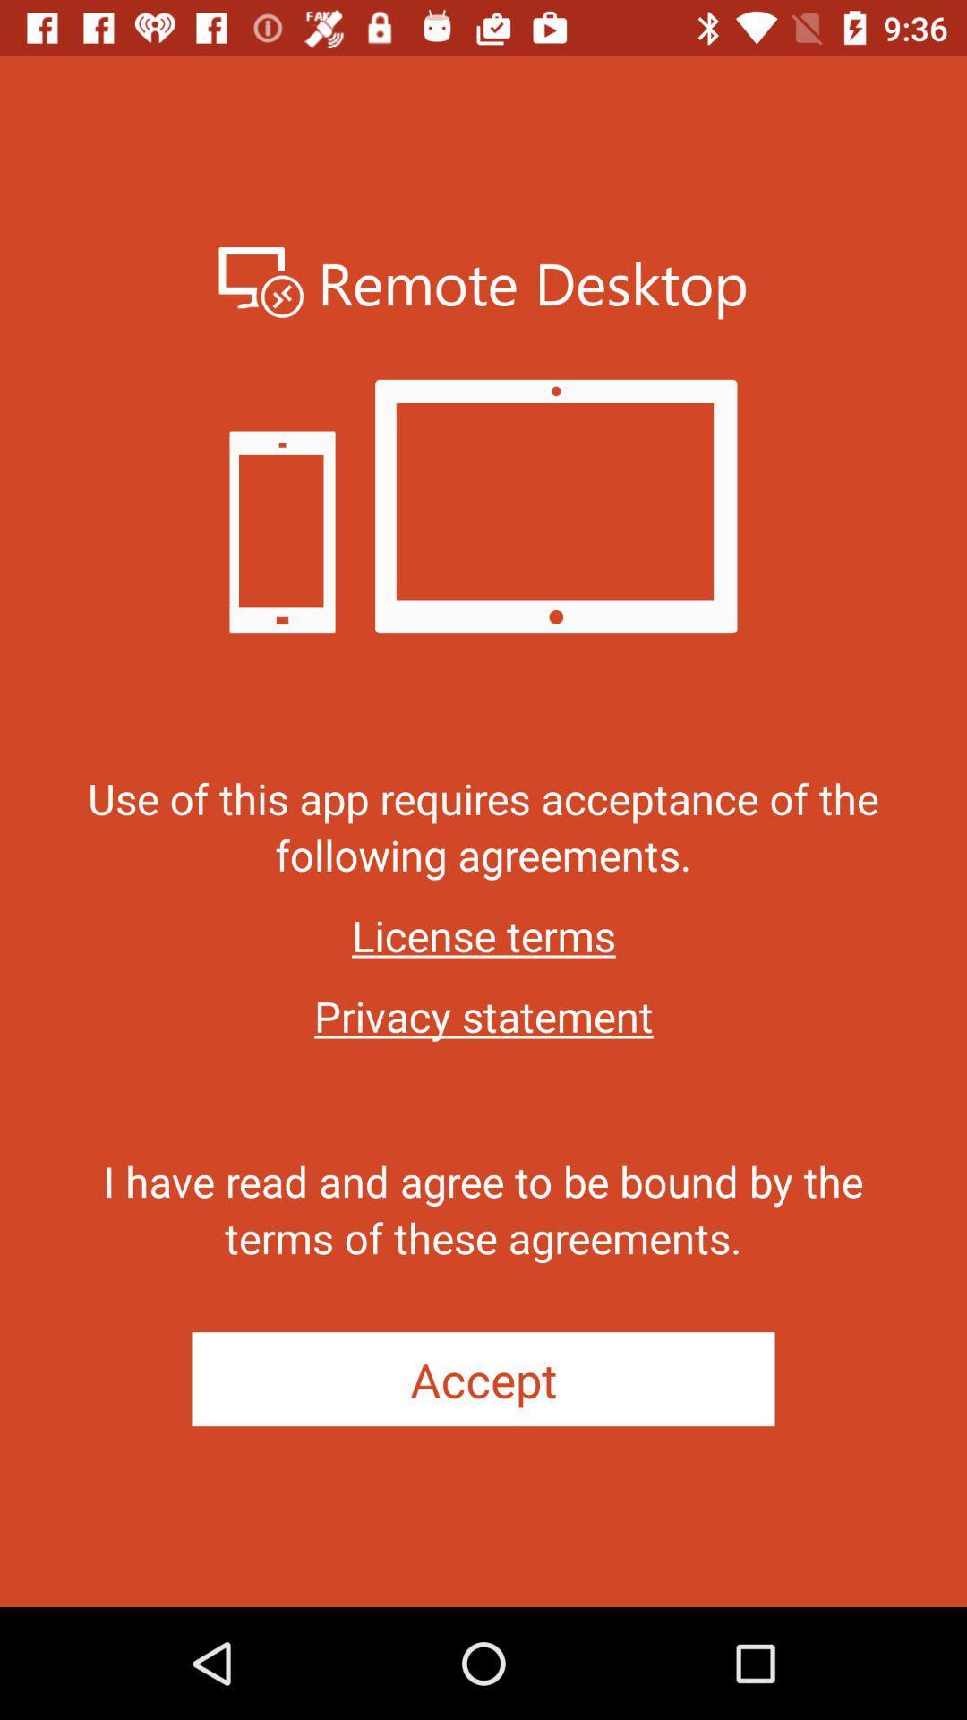 This screenshot has width=967, height=1720. What do you see at coordinates (483, 934) in the screenshot?
I see `item above the privacy statement icon` at bounding box center [483, 934].